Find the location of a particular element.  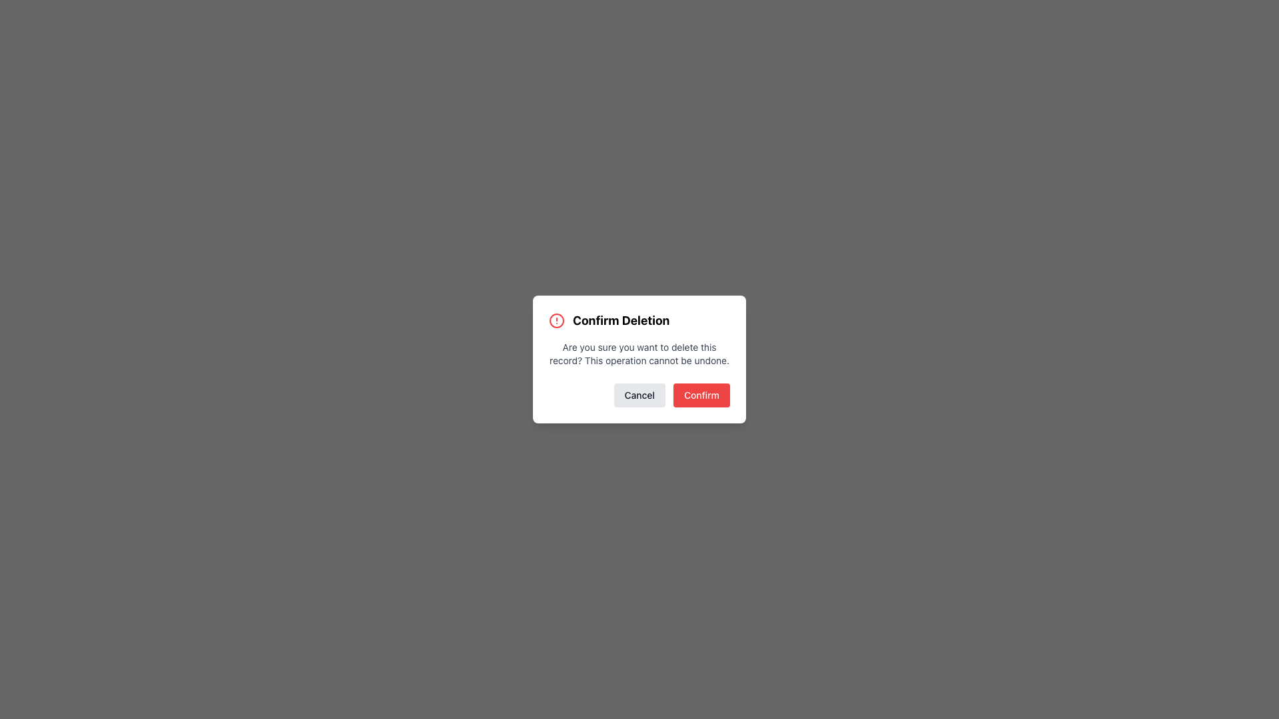

the alert icon located to the left of the 'Confirm Deletion' text within the modal window is located at coordinates (556, 321).